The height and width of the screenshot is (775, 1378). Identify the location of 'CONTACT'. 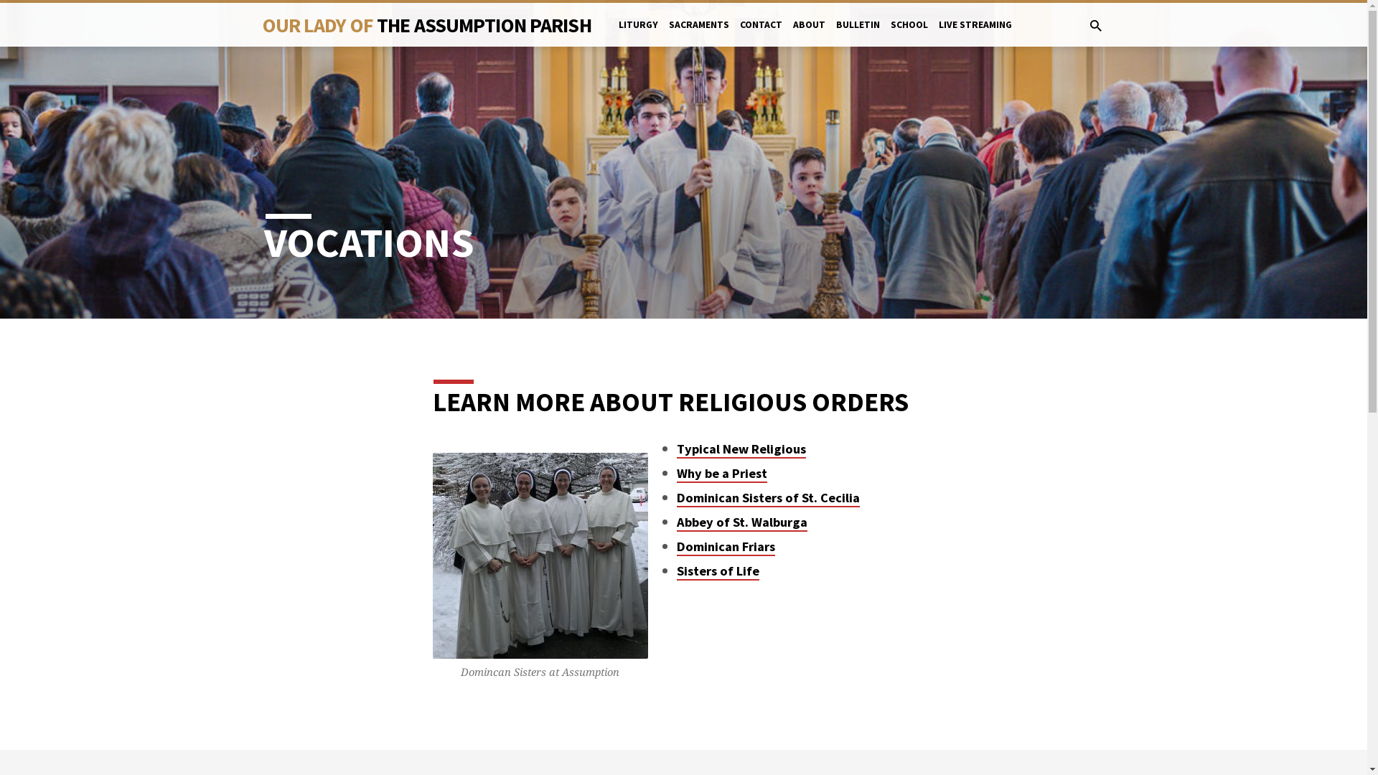
(740, 33).